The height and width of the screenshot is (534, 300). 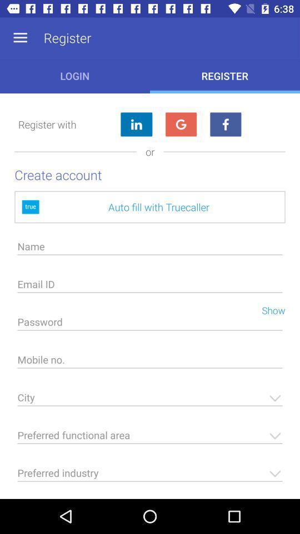 I want to click on password, so click(x=150, y=325).